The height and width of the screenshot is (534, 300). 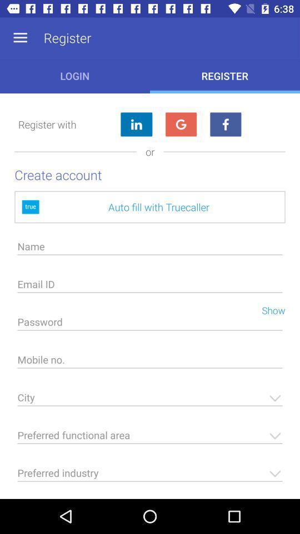 I want to click on password, so click(x=150, y=325).